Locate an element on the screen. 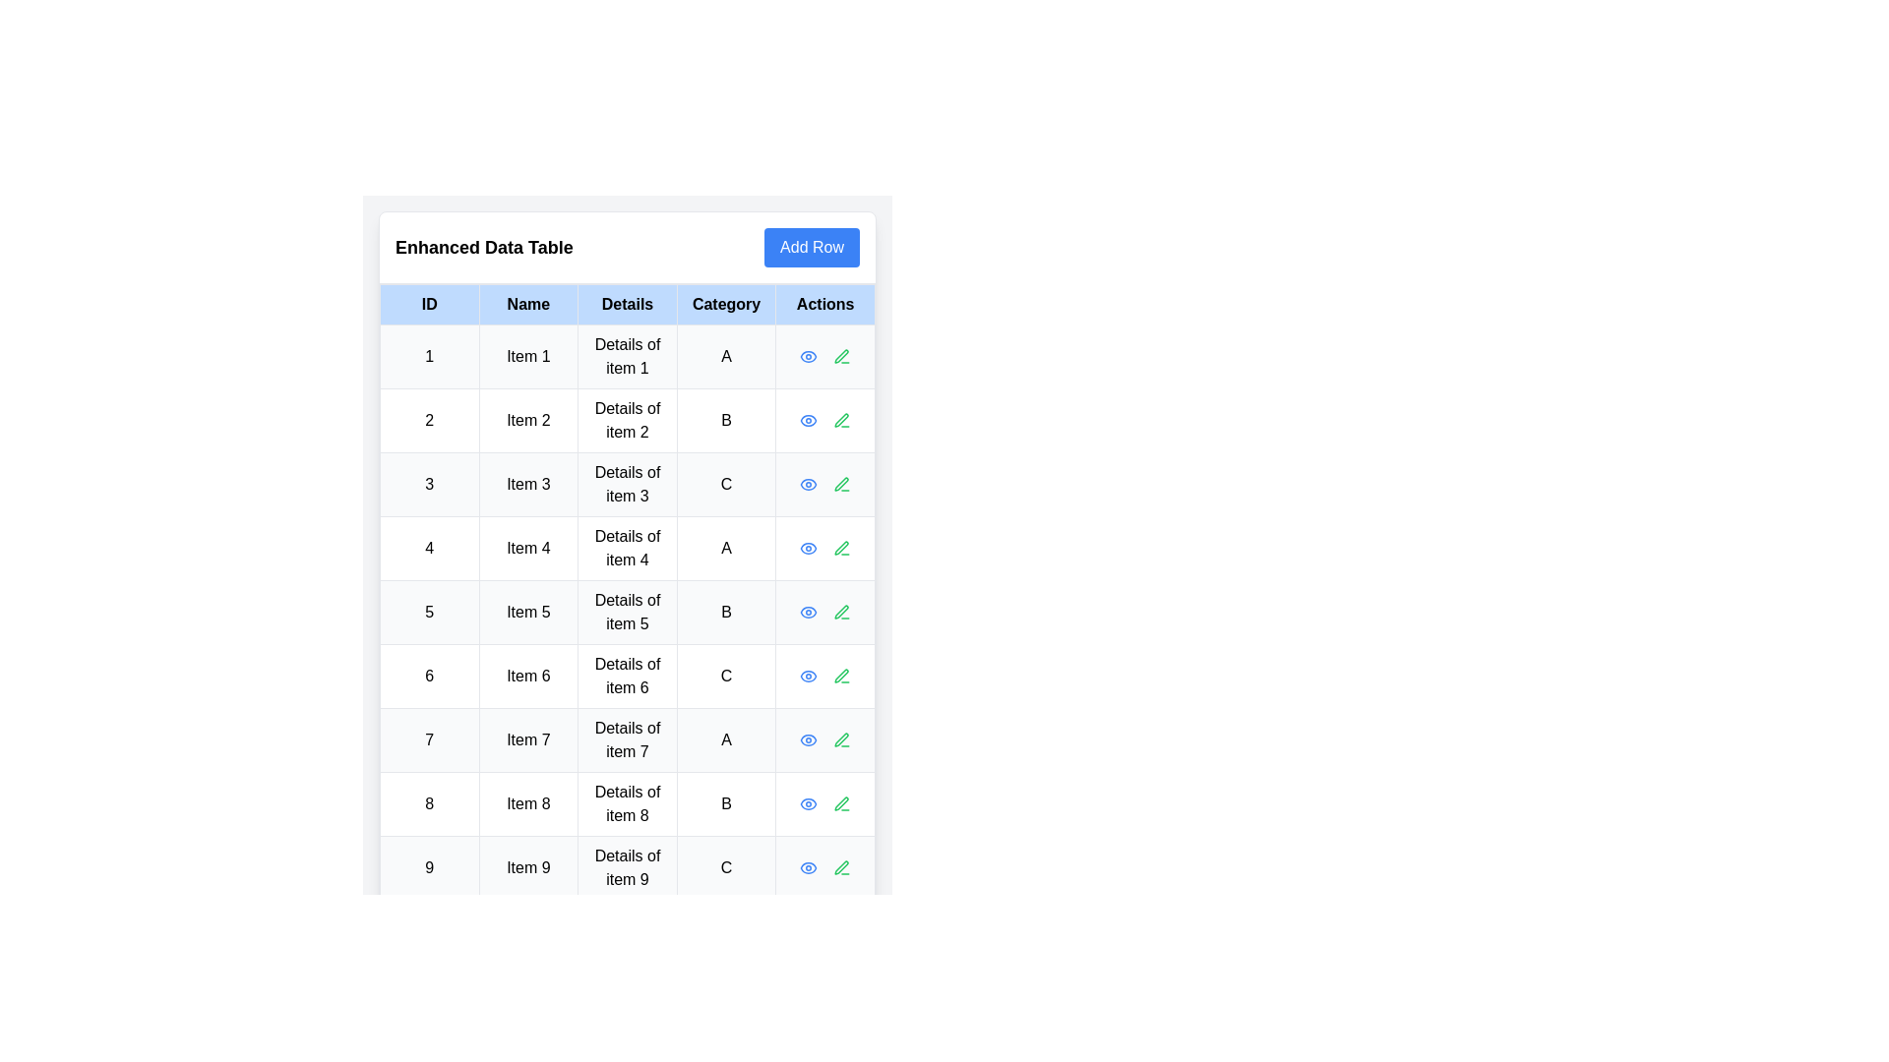 This screenshot has width=1889, height=1062. the button in the ninth row under the 'Actions' column to invoke the details view for 'Item 9' is located at coordinates (809, 867).